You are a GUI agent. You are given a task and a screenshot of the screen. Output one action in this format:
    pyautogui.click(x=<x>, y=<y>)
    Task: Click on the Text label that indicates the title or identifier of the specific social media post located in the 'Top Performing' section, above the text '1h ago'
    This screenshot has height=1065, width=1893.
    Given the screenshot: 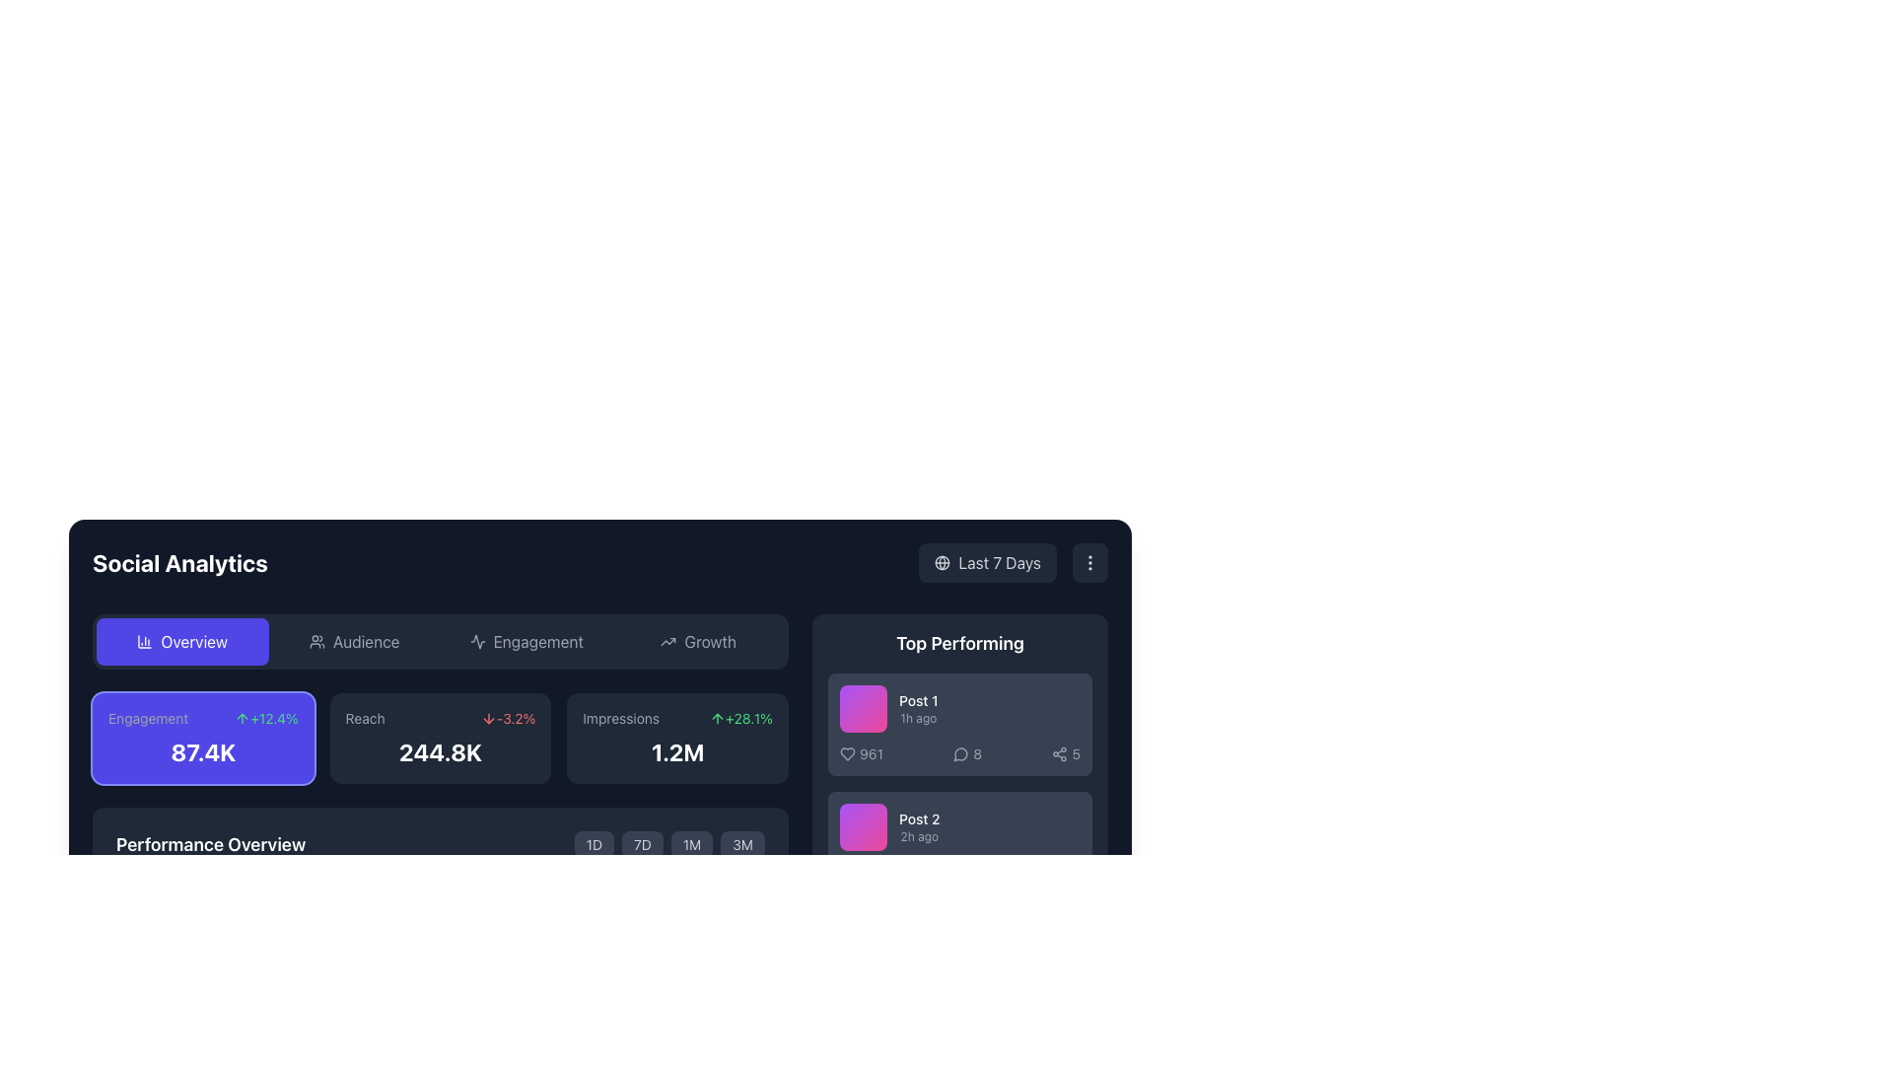 What is the action you would take?
    pyautogui.click(x=917, y=699)
    